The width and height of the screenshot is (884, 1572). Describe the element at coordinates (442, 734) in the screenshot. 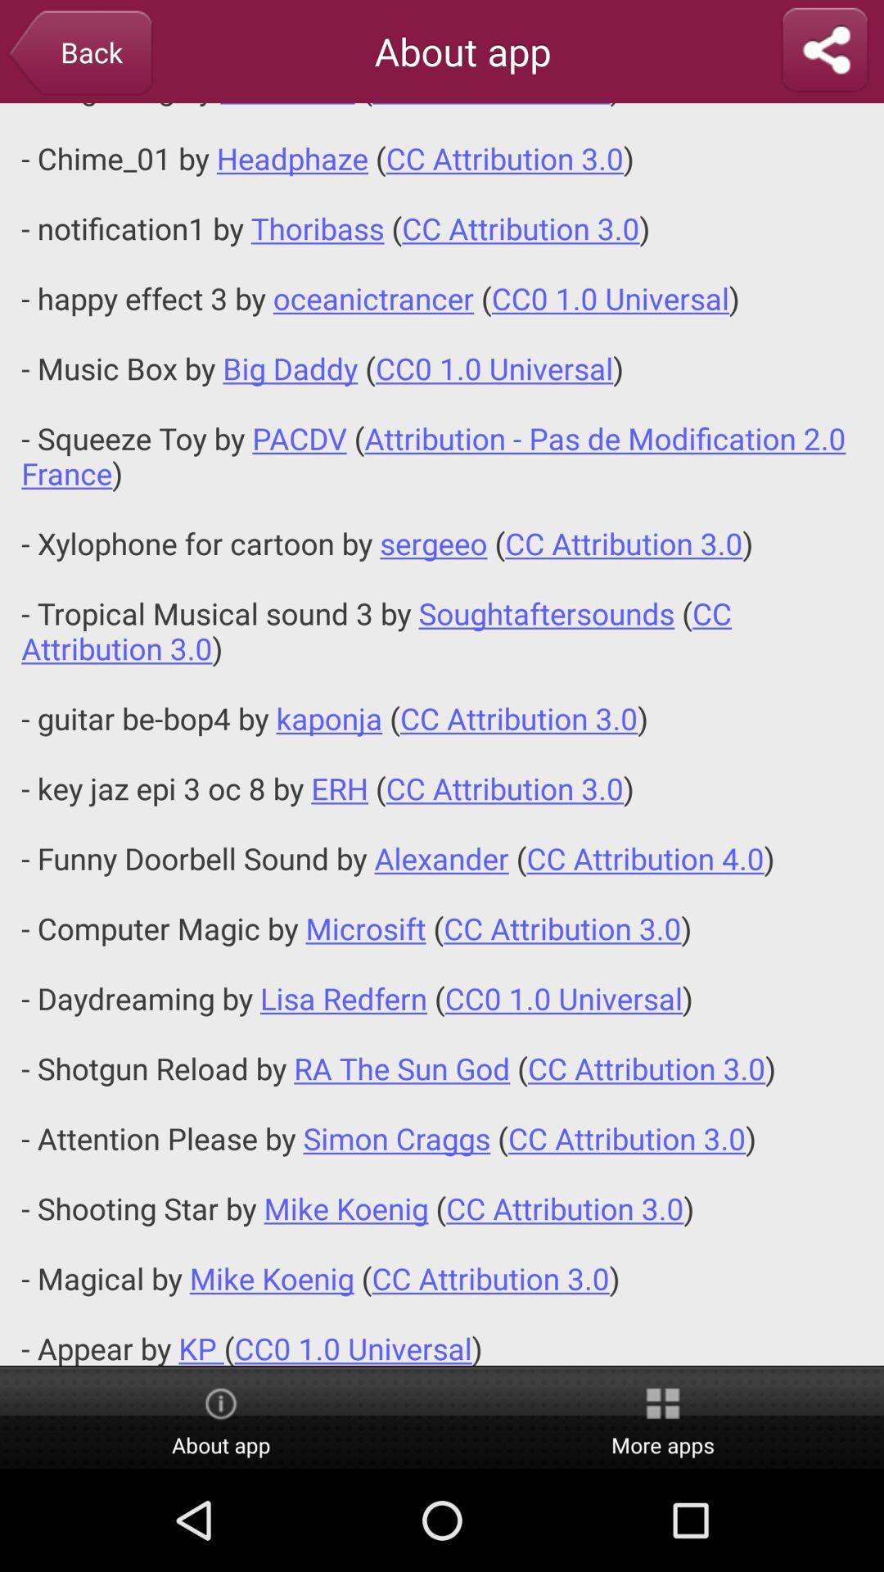

I see `icon at the center` at that location.